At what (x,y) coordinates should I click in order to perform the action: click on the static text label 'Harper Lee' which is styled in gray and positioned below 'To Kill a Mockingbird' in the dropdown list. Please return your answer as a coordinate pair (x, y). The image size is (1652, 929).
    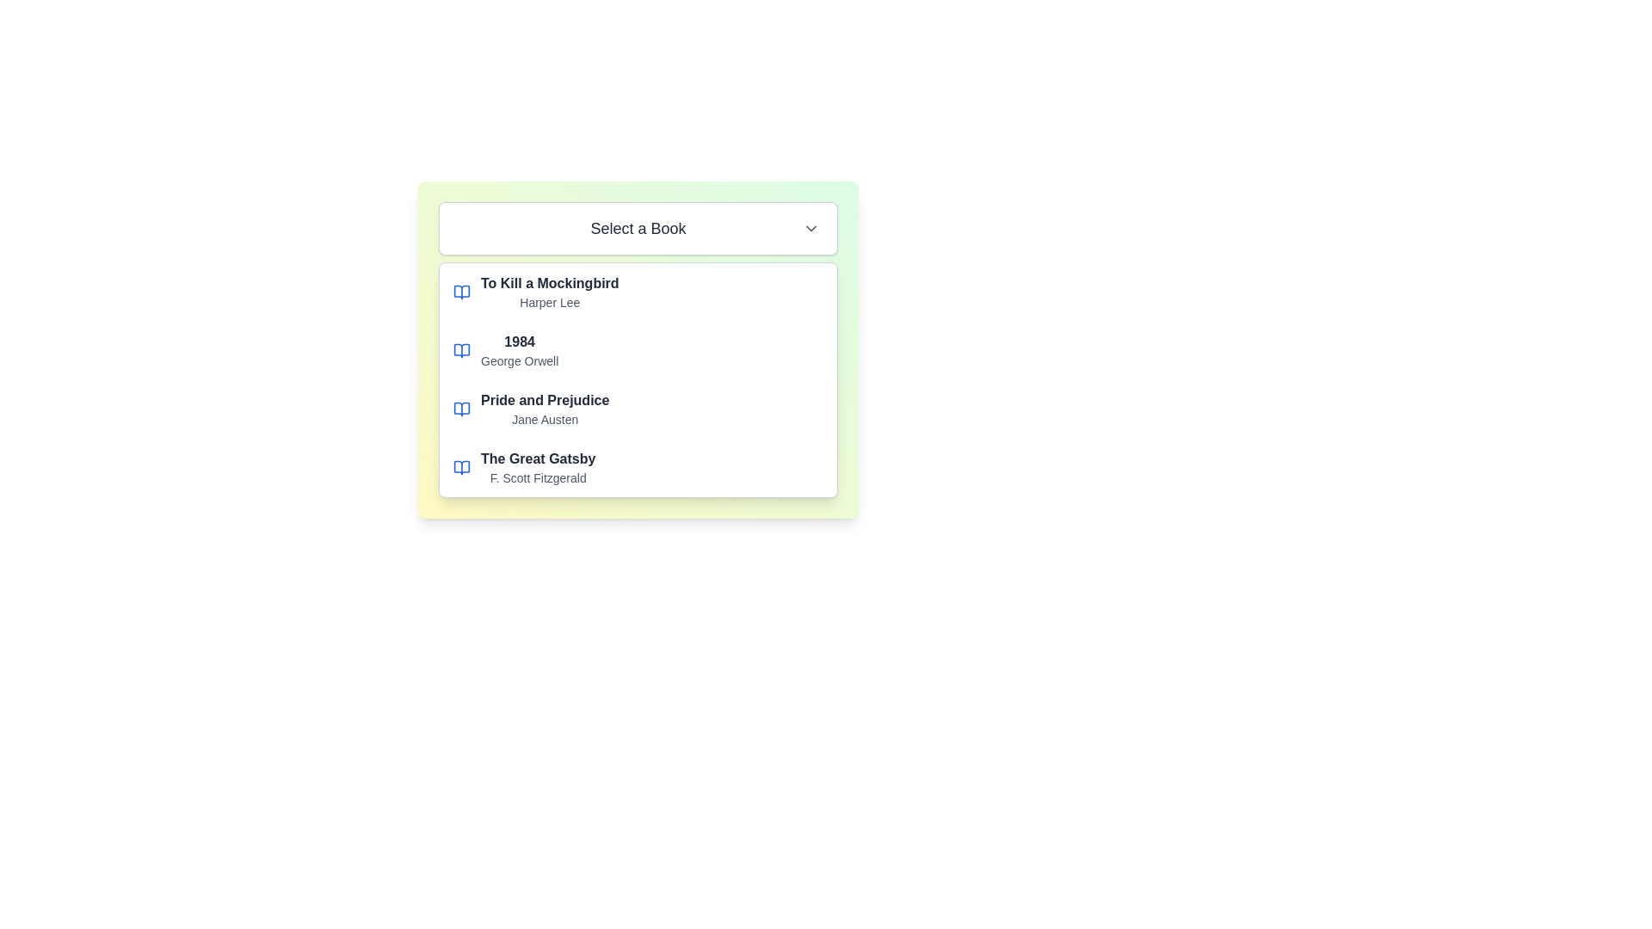
    Looking at the image, I should click on (549, 301).